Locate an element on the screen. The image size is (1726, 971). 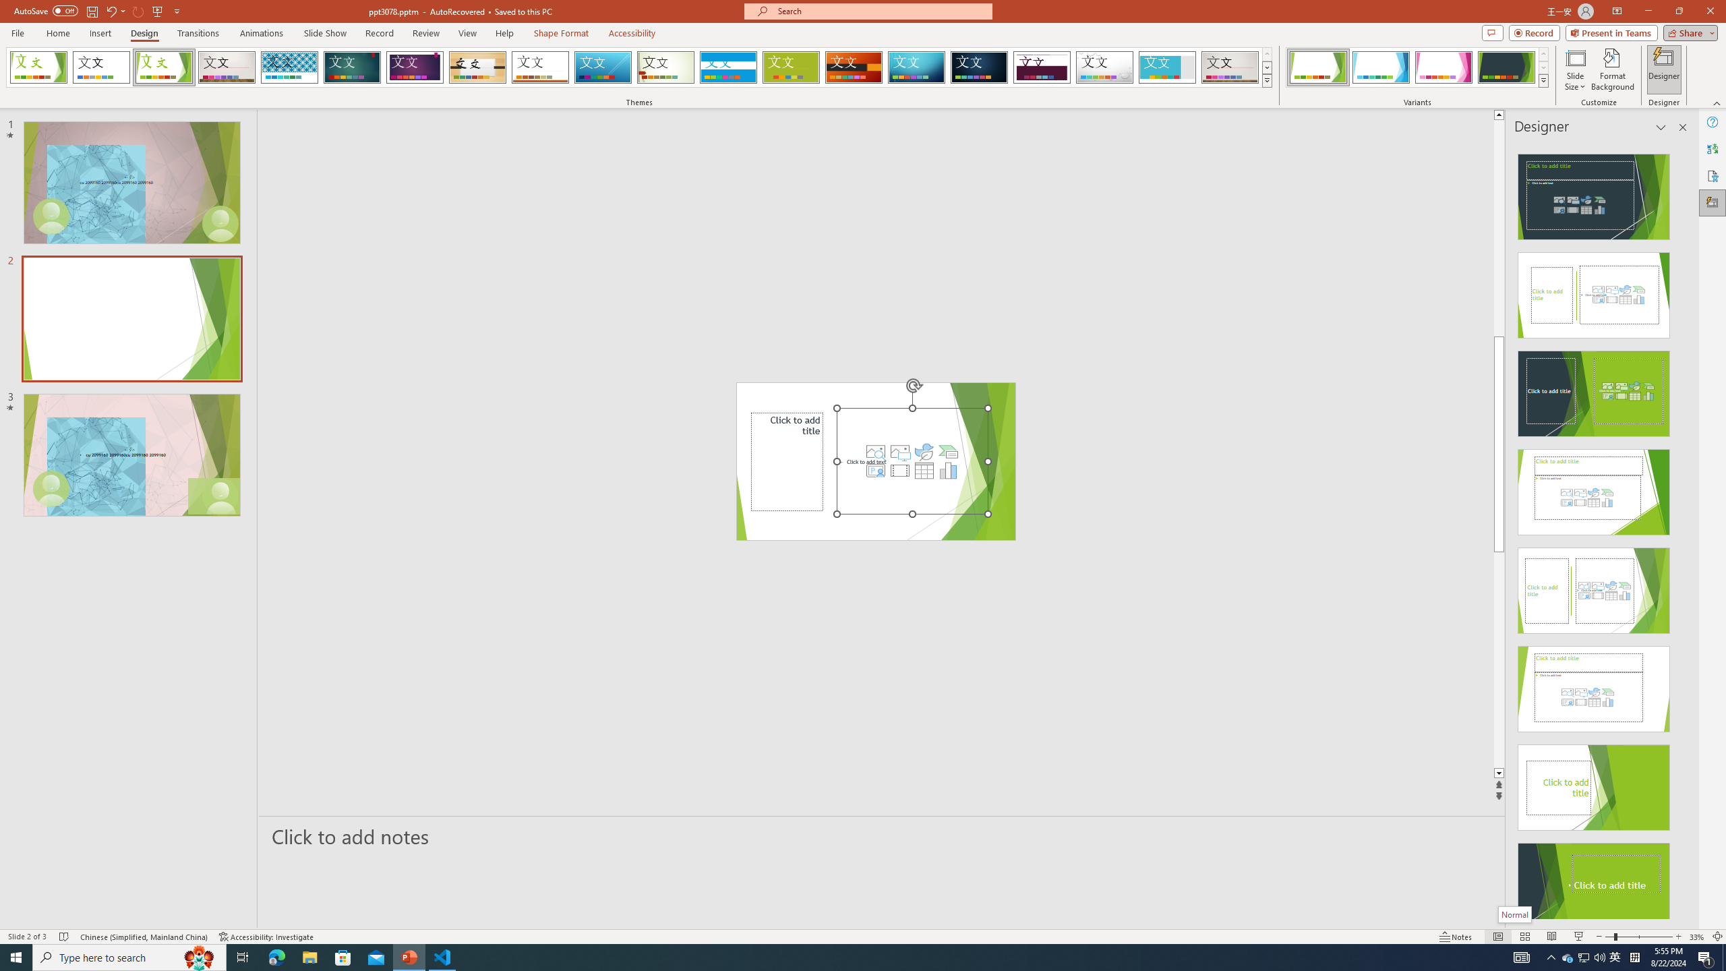
'Organic' is located at coordinates (478, 67).